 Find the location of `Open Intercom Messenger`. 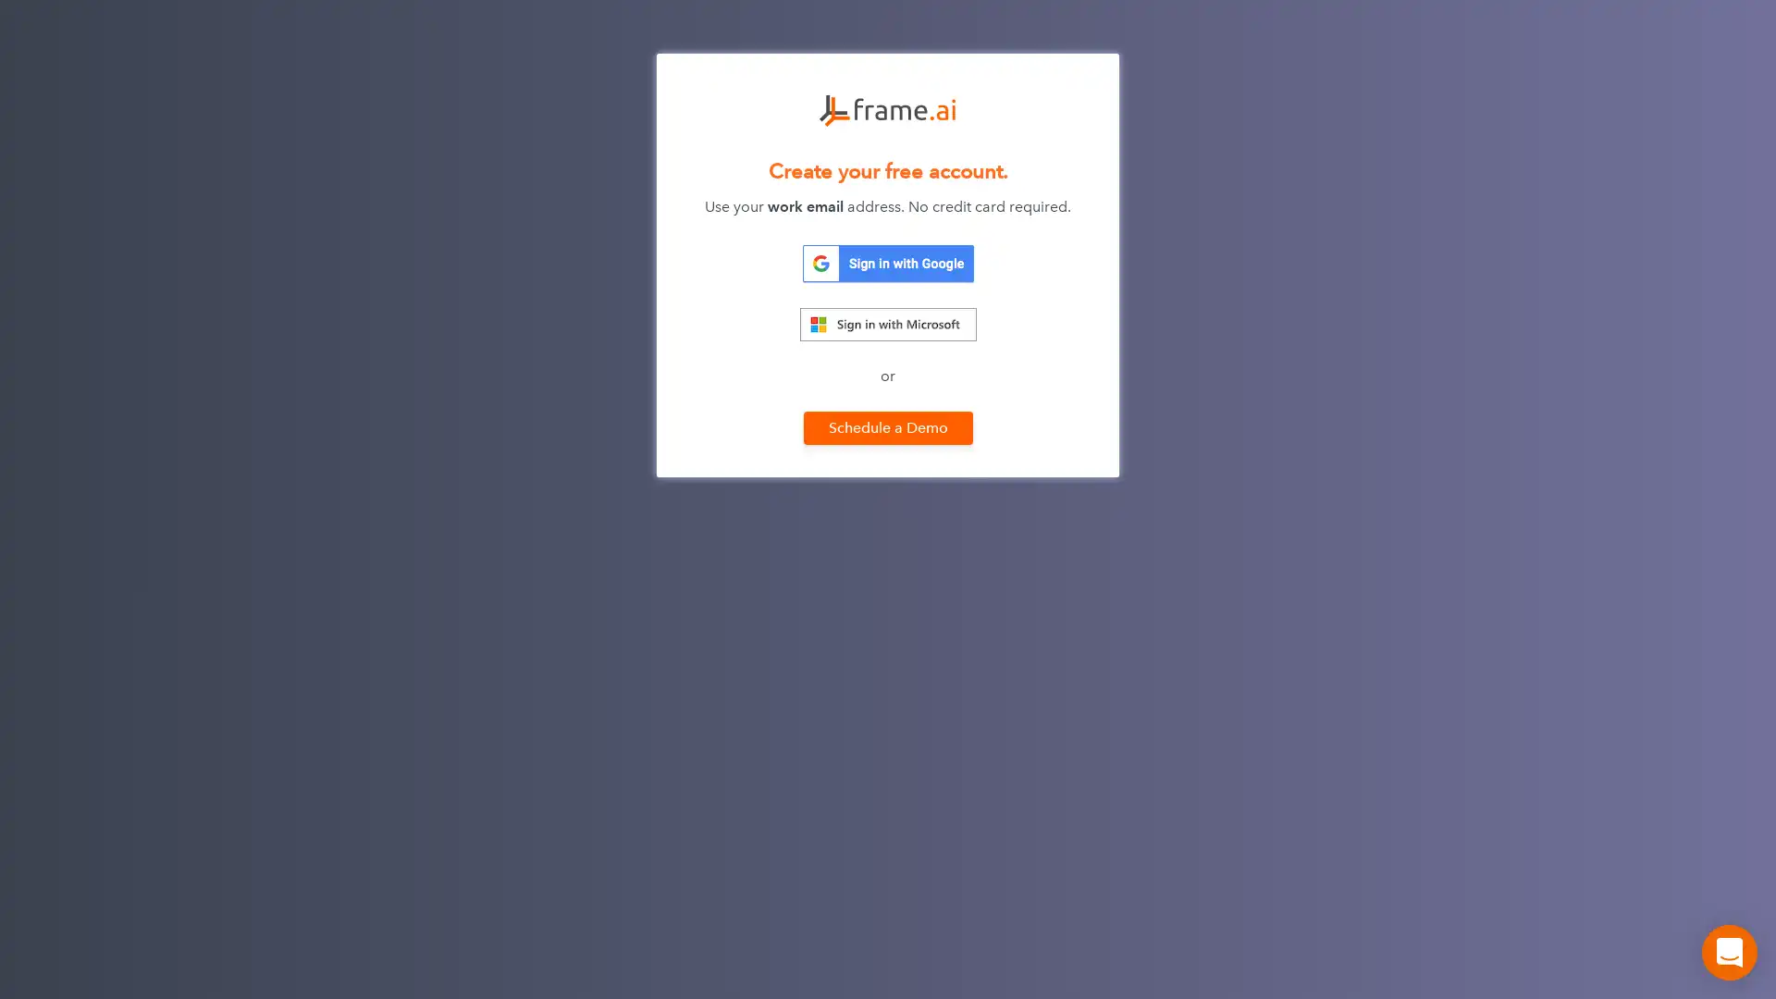

Open Intercom Messenger is located at coordinates (1729, 952).